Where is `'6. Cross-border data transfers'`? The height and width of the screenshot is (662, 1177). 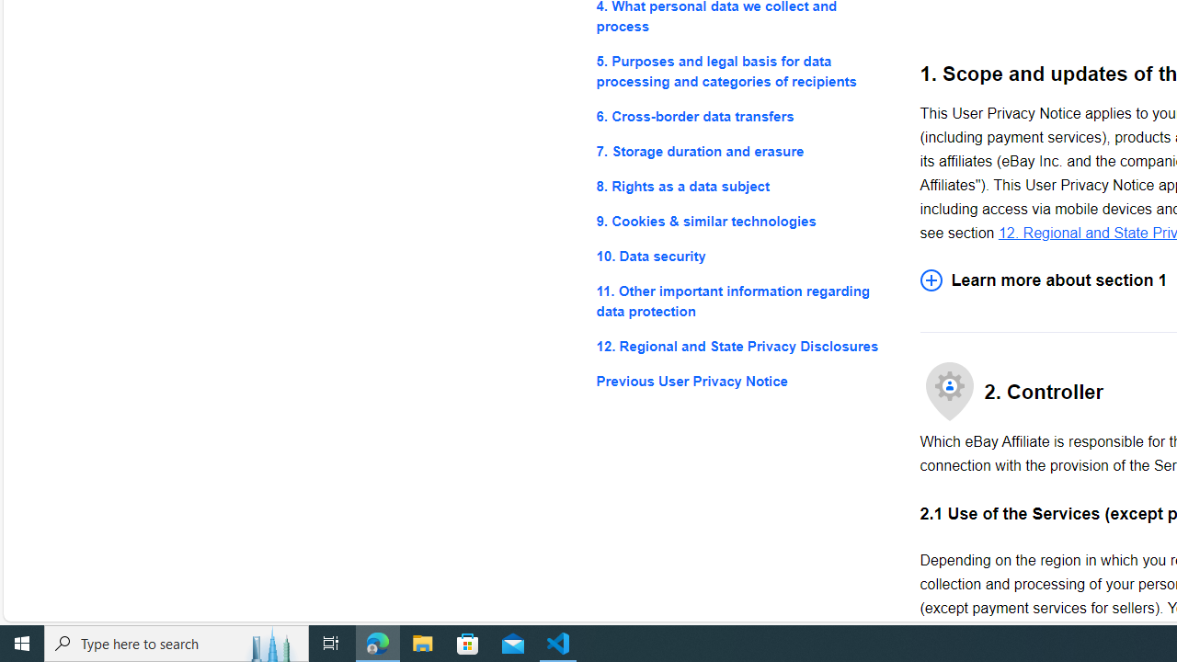
'6. Cross-border data transfers' is located at coordinates (743, 116).